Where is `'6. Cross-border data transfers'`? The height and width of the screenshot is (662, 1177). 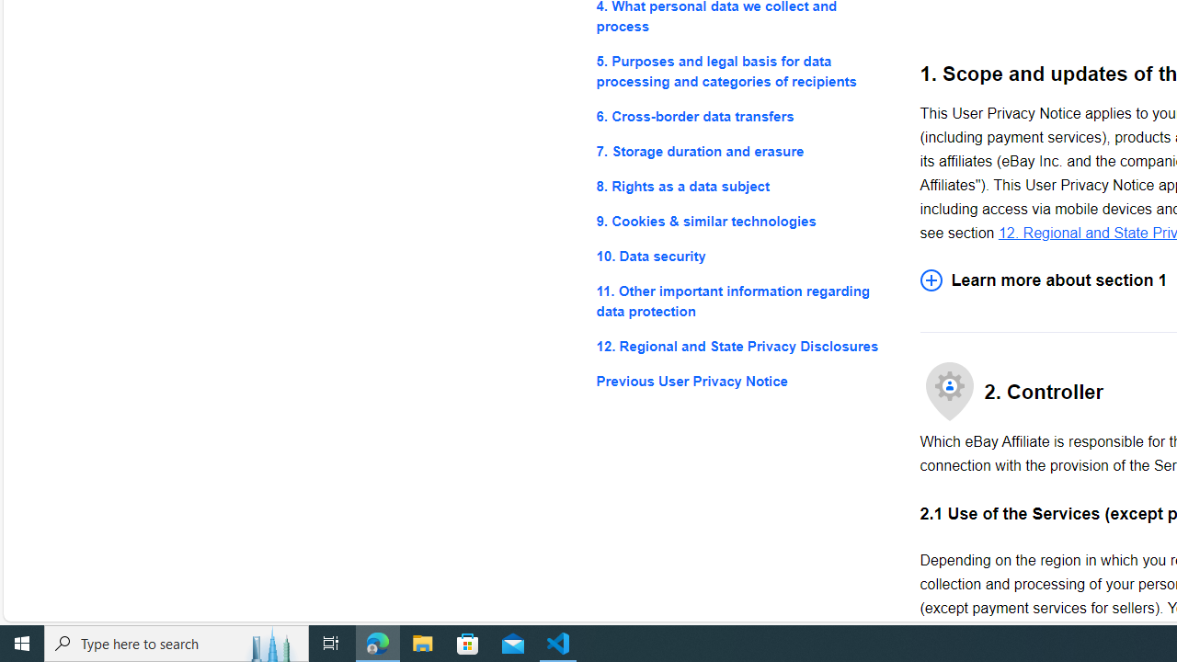
'6. Cross-border data transfers' is located at coordinates (743, 116).